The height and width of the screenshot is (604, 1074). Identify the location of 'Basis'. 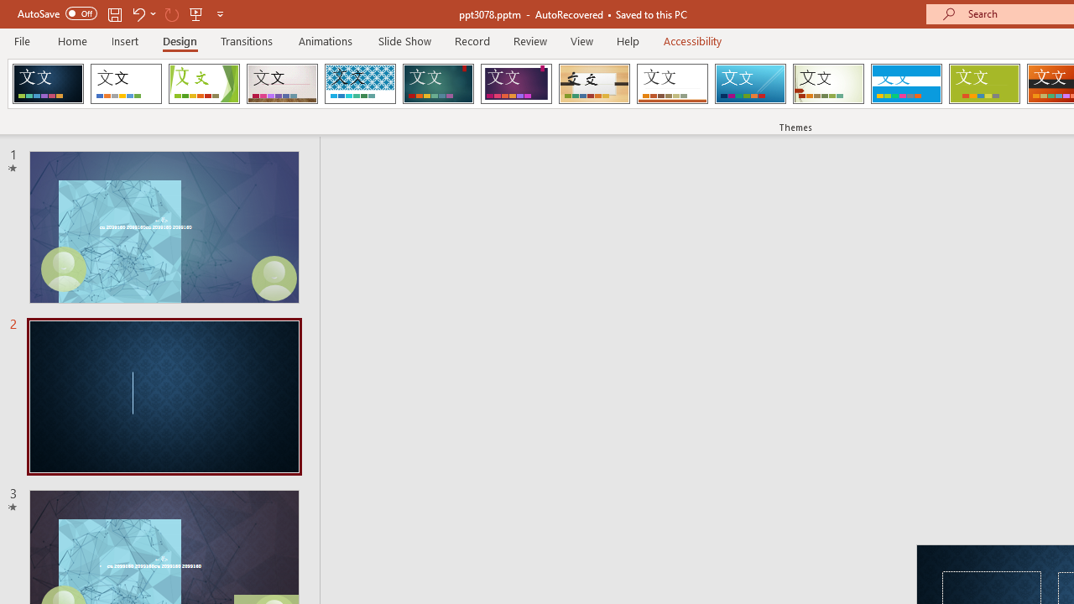
(984, 84).